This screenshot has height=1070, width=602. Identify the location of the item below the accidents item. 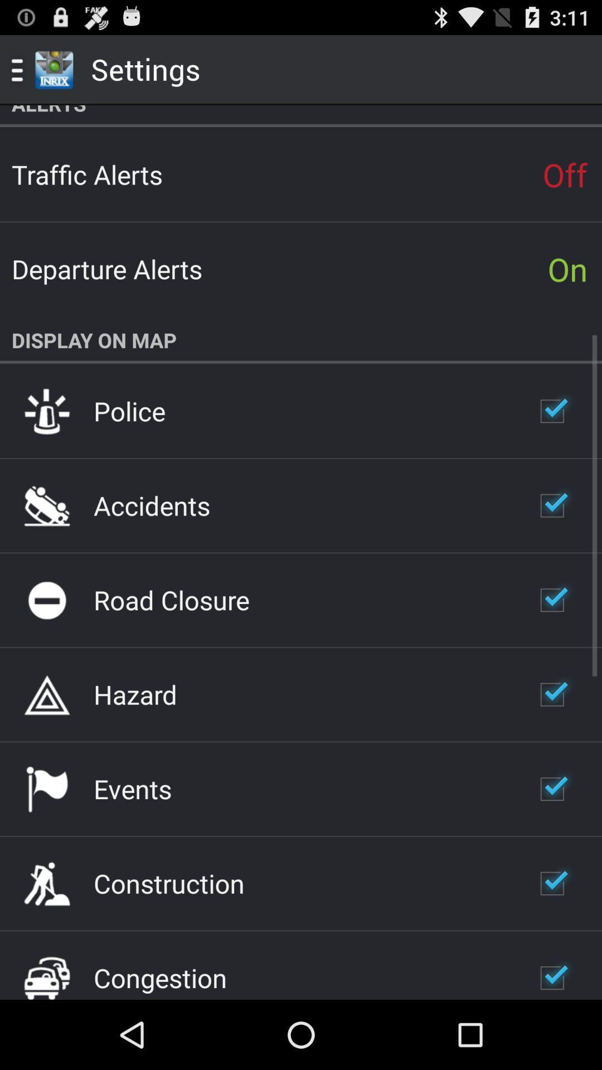
(171, 599).